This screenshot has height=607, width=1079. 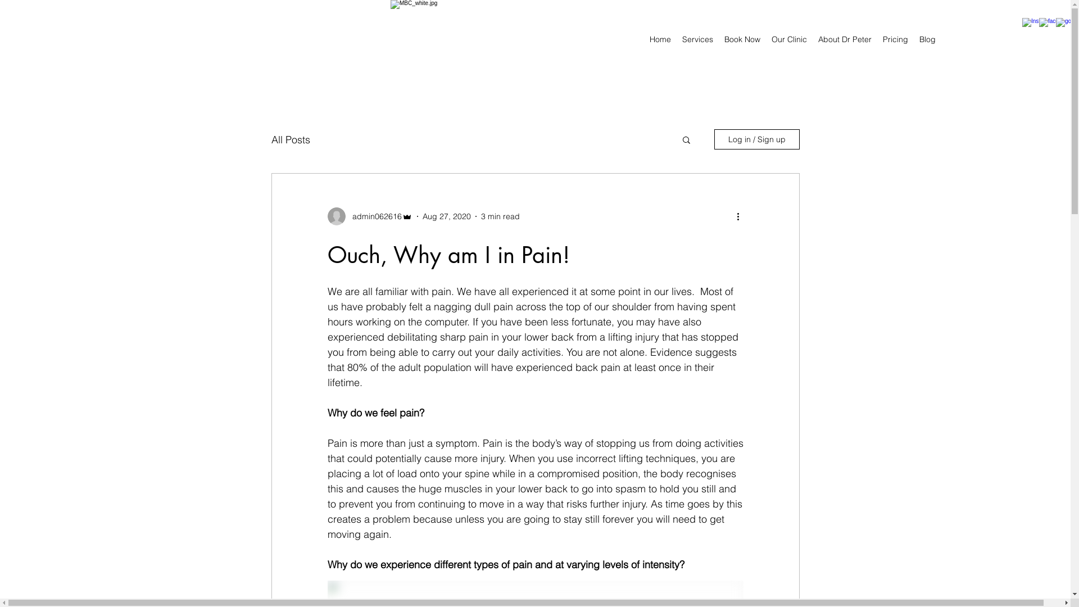 What do you see at coordinates (845, 38) in the screenshot?
I see `'About Dr Peter'` at bounding box center [845, 38].